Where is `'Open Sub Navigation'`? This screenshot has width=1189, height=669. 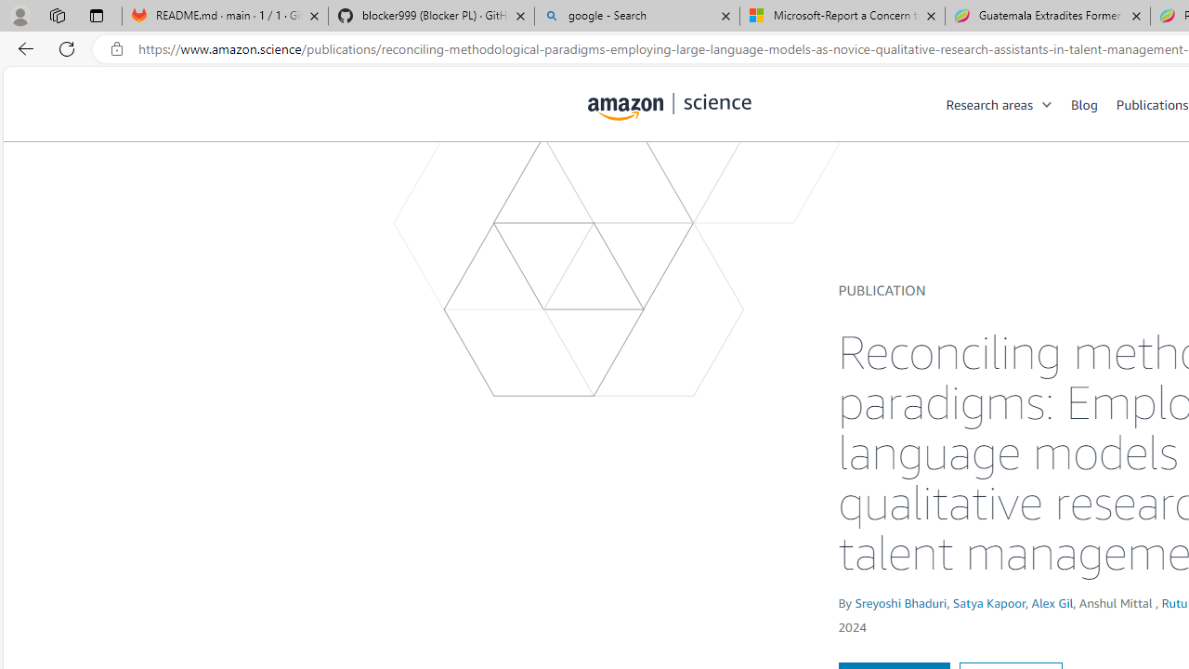
'Open Sub Navigation' is located at coordinates (1048, 103).